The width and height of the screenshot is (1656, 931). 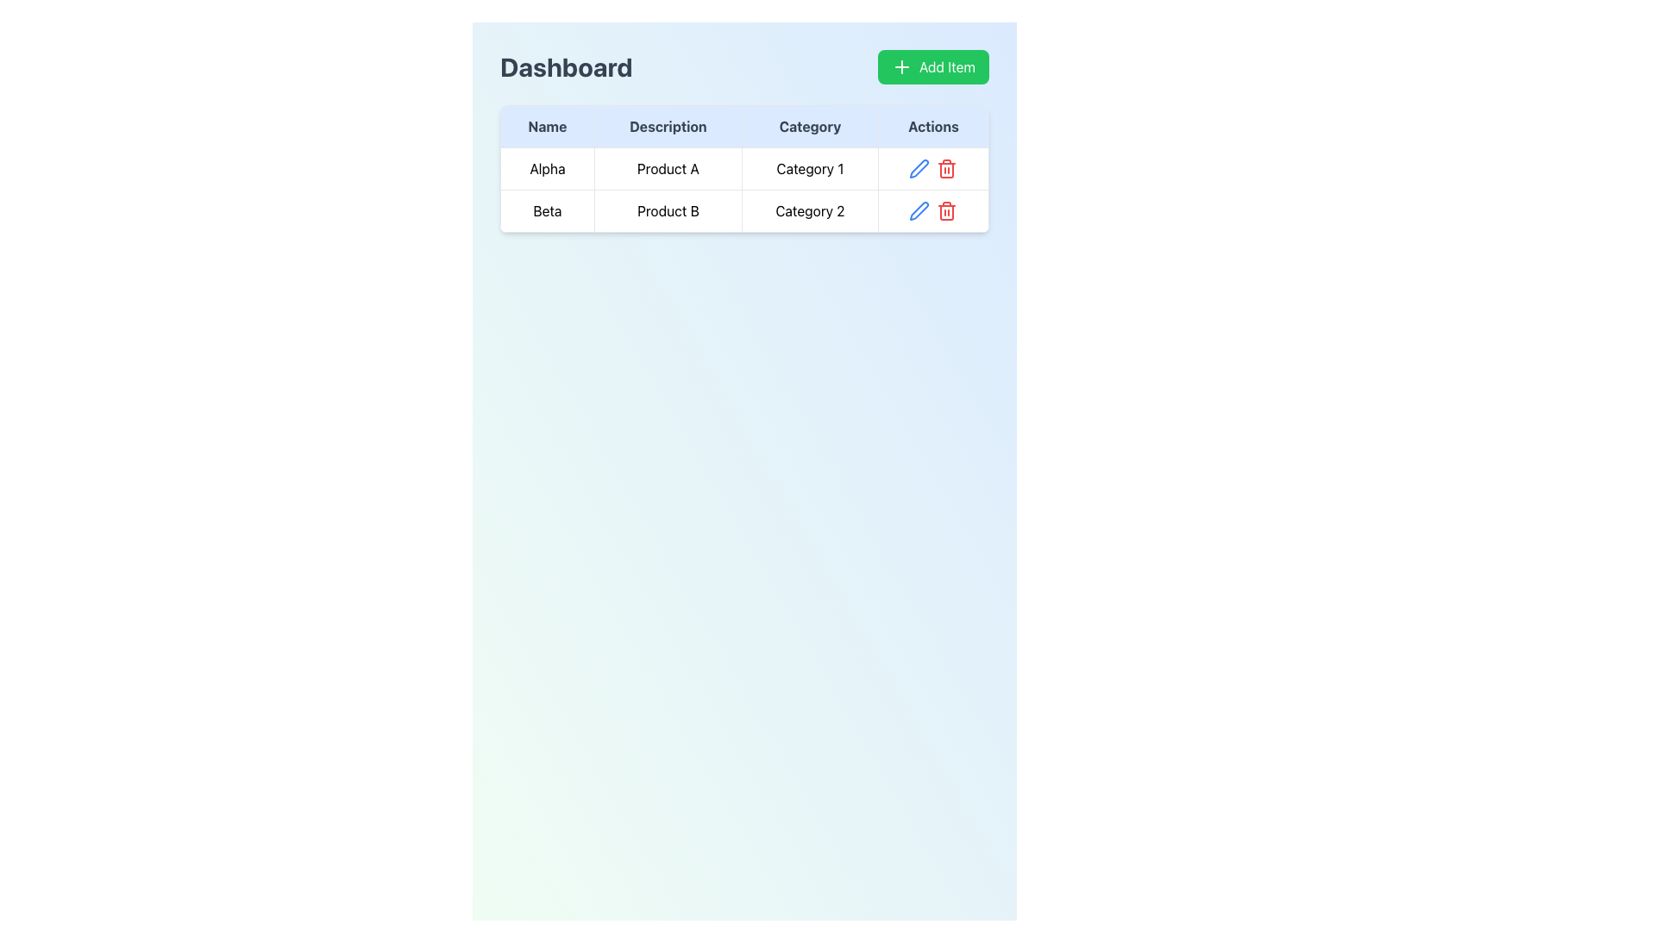 I want to click on the text label 'Actions' which is the fourth column header in a light blue table header, so click(x=932, y=125).